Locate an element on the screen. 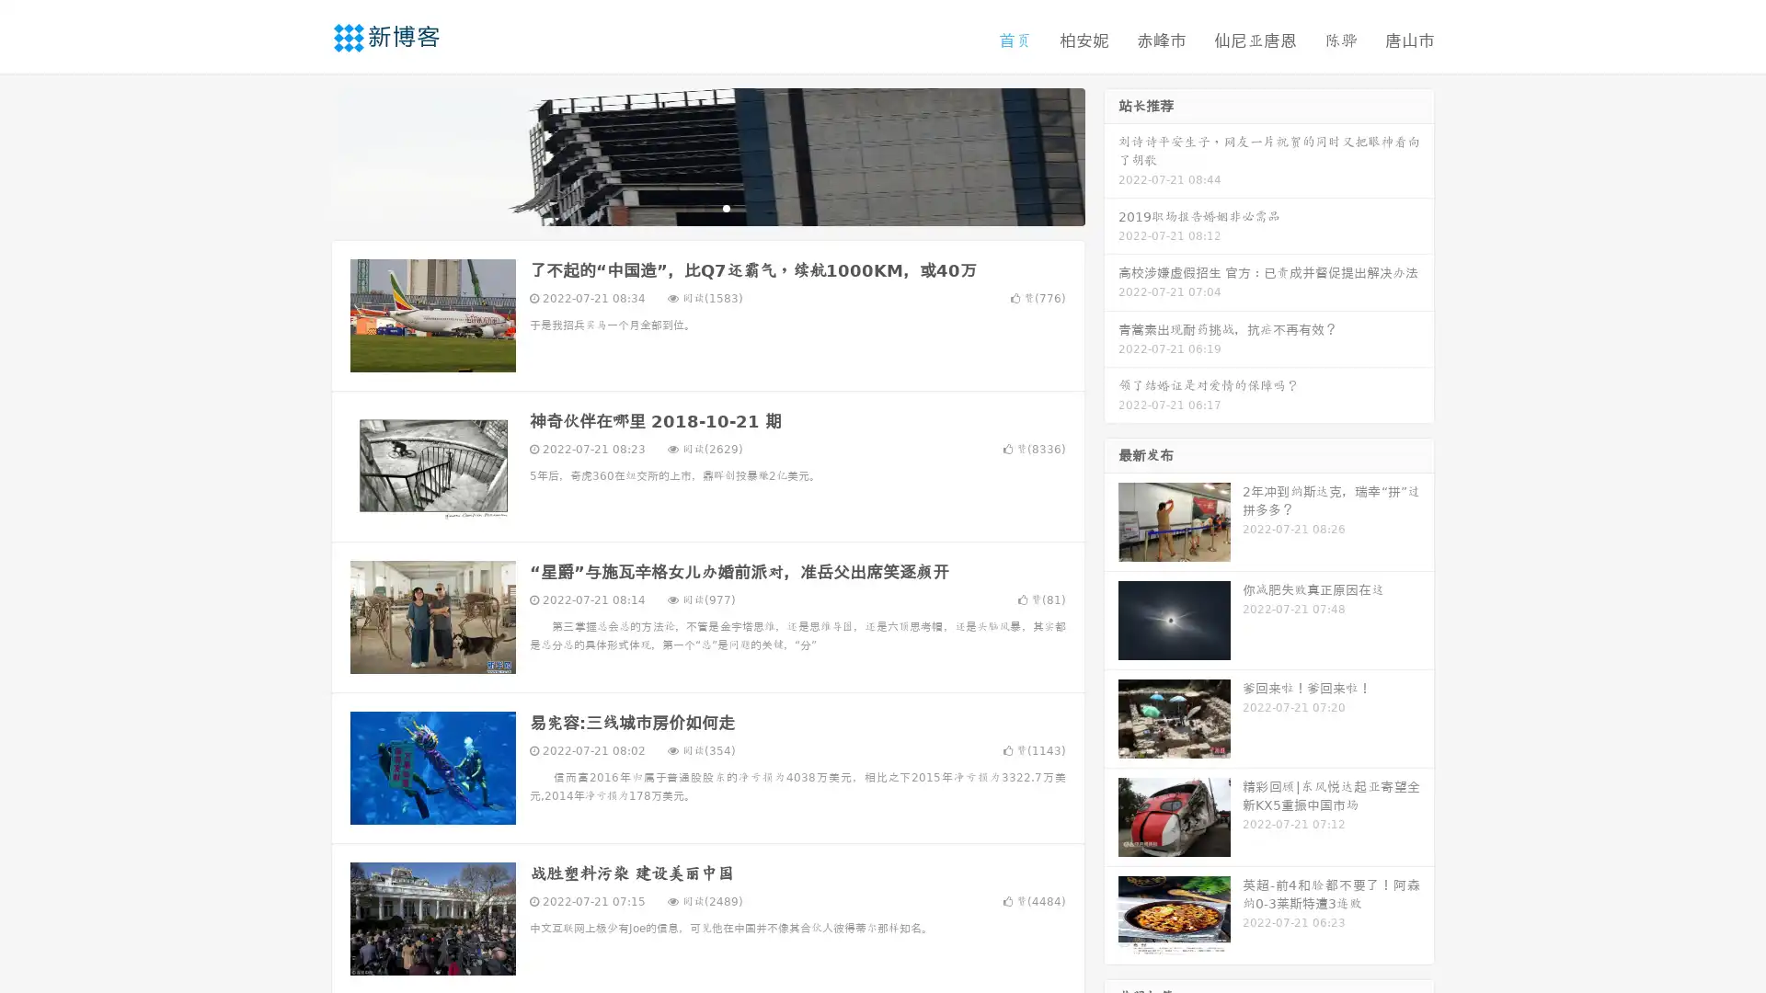  Next slide is located at coordinates (1111, 154).